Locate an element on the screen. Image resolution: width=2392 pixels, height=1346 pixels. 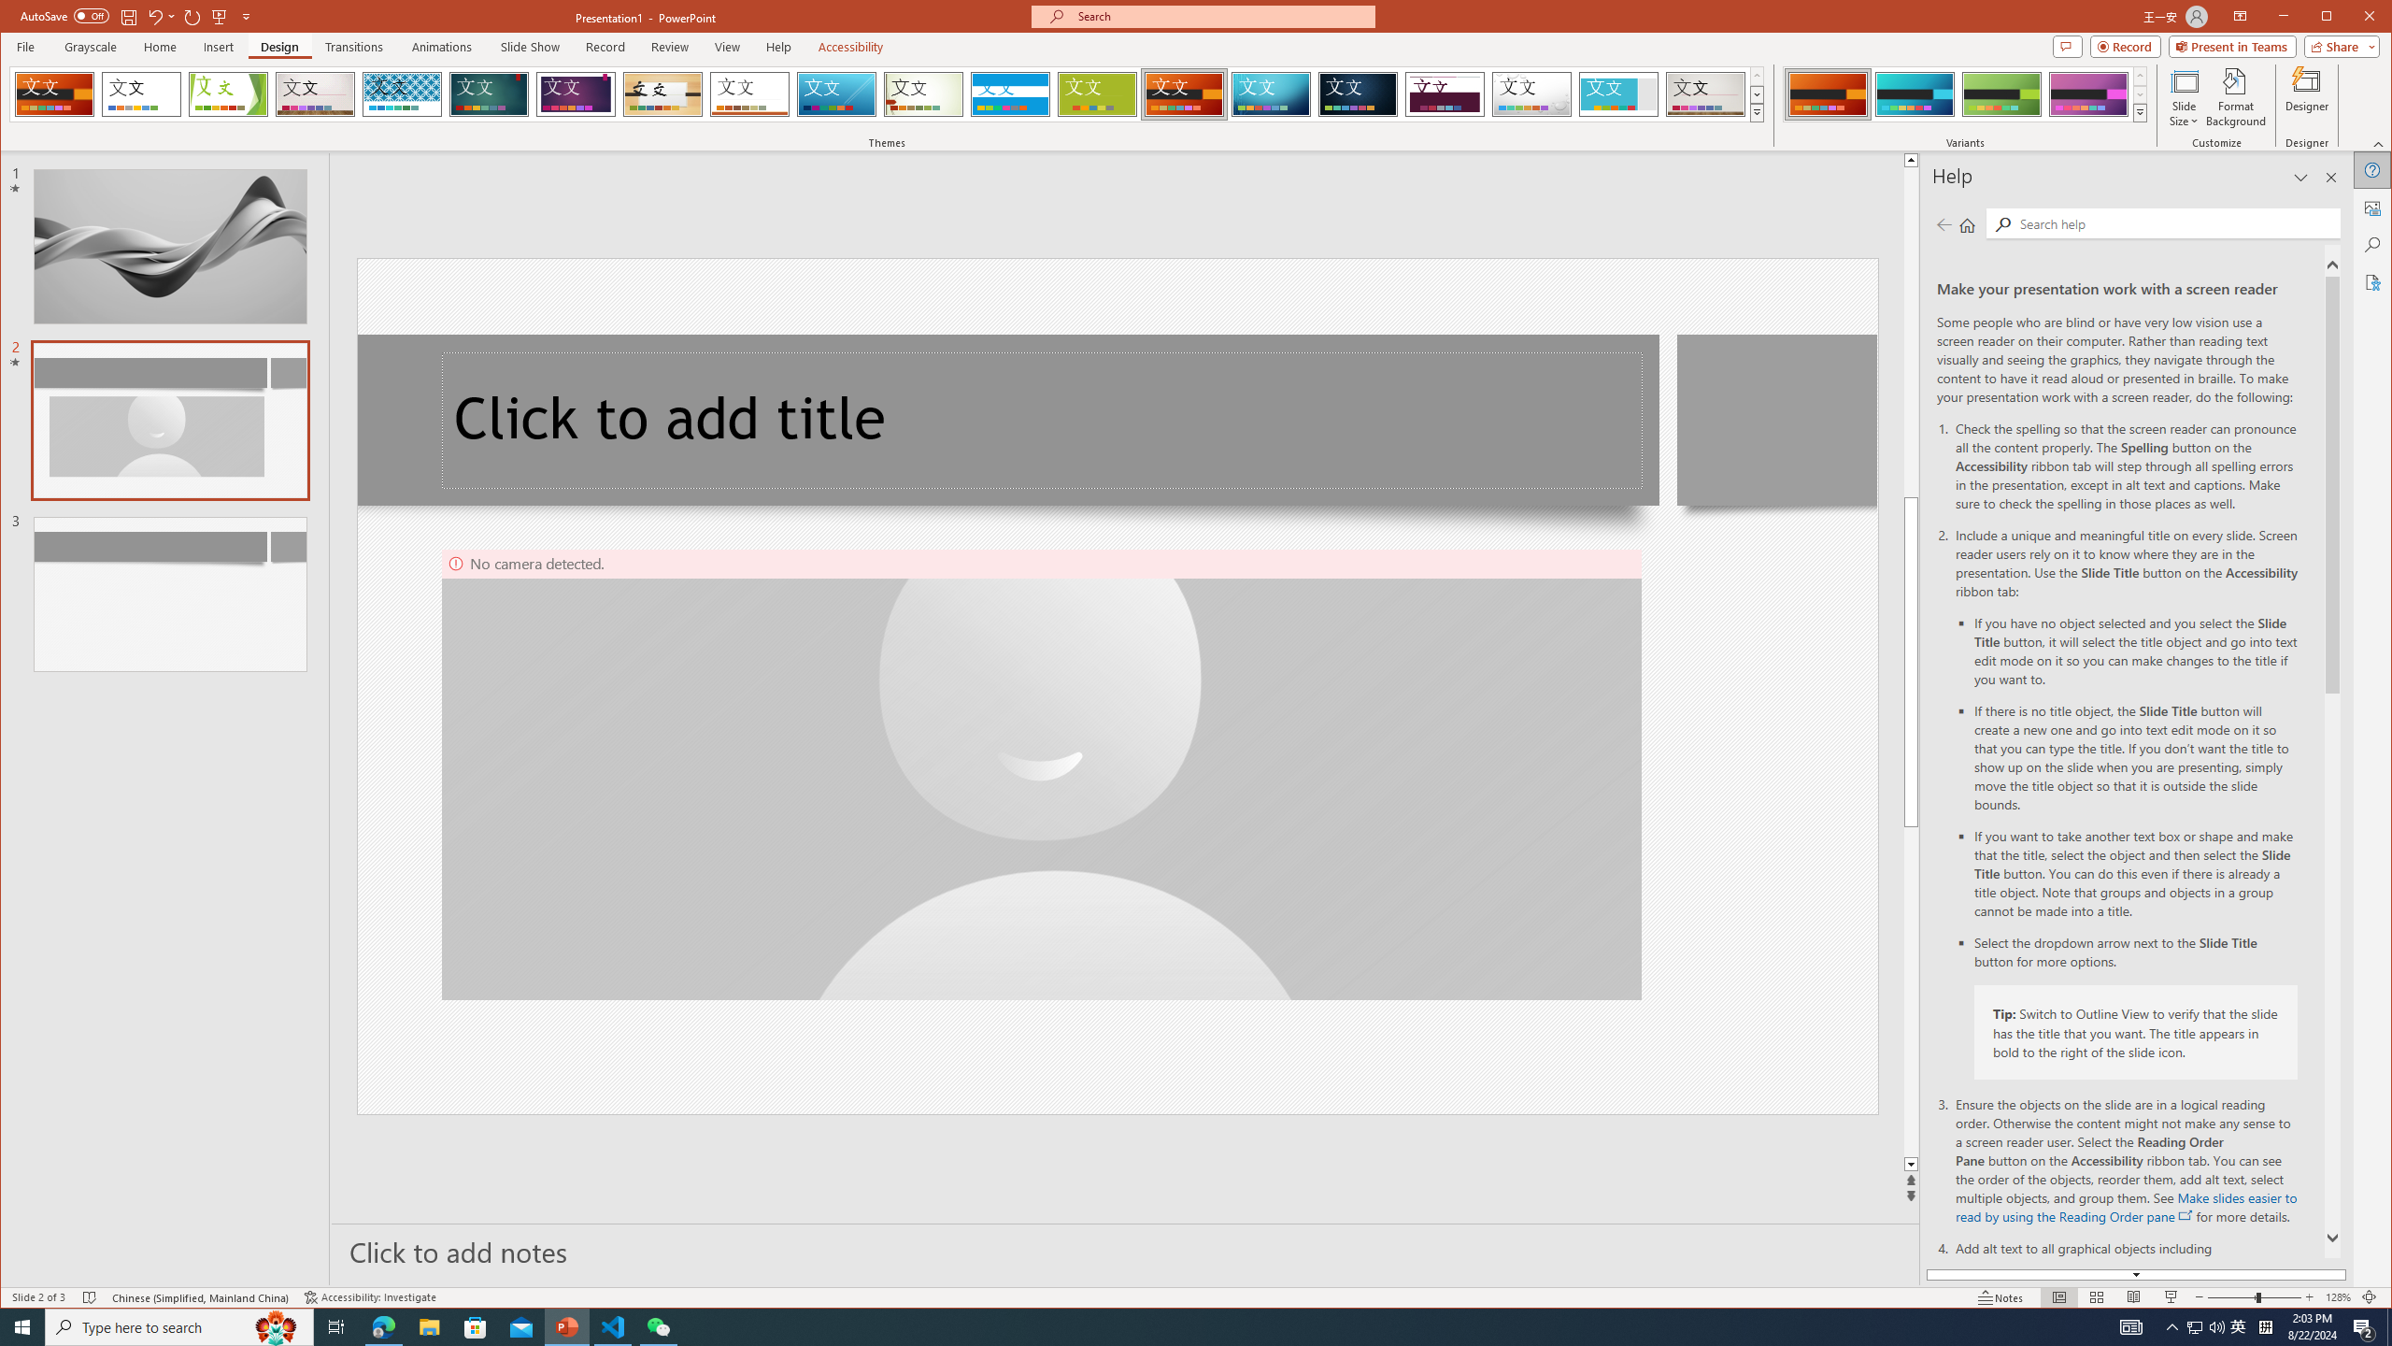
'Berlin Variant 2' is located at coordinates (1915, 93).